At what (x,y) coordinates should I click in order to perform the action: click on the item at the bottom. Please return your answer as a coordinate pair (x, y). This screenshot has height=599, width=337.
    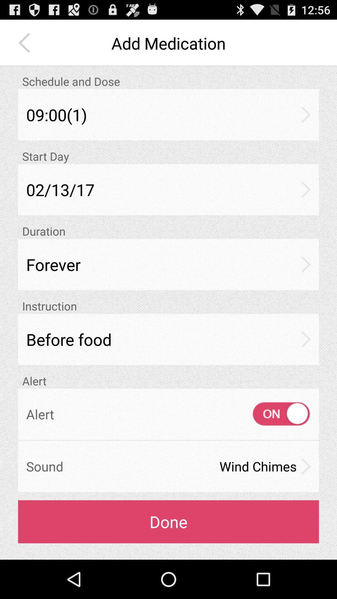
    Looking at the image, I should click on (168, 522).